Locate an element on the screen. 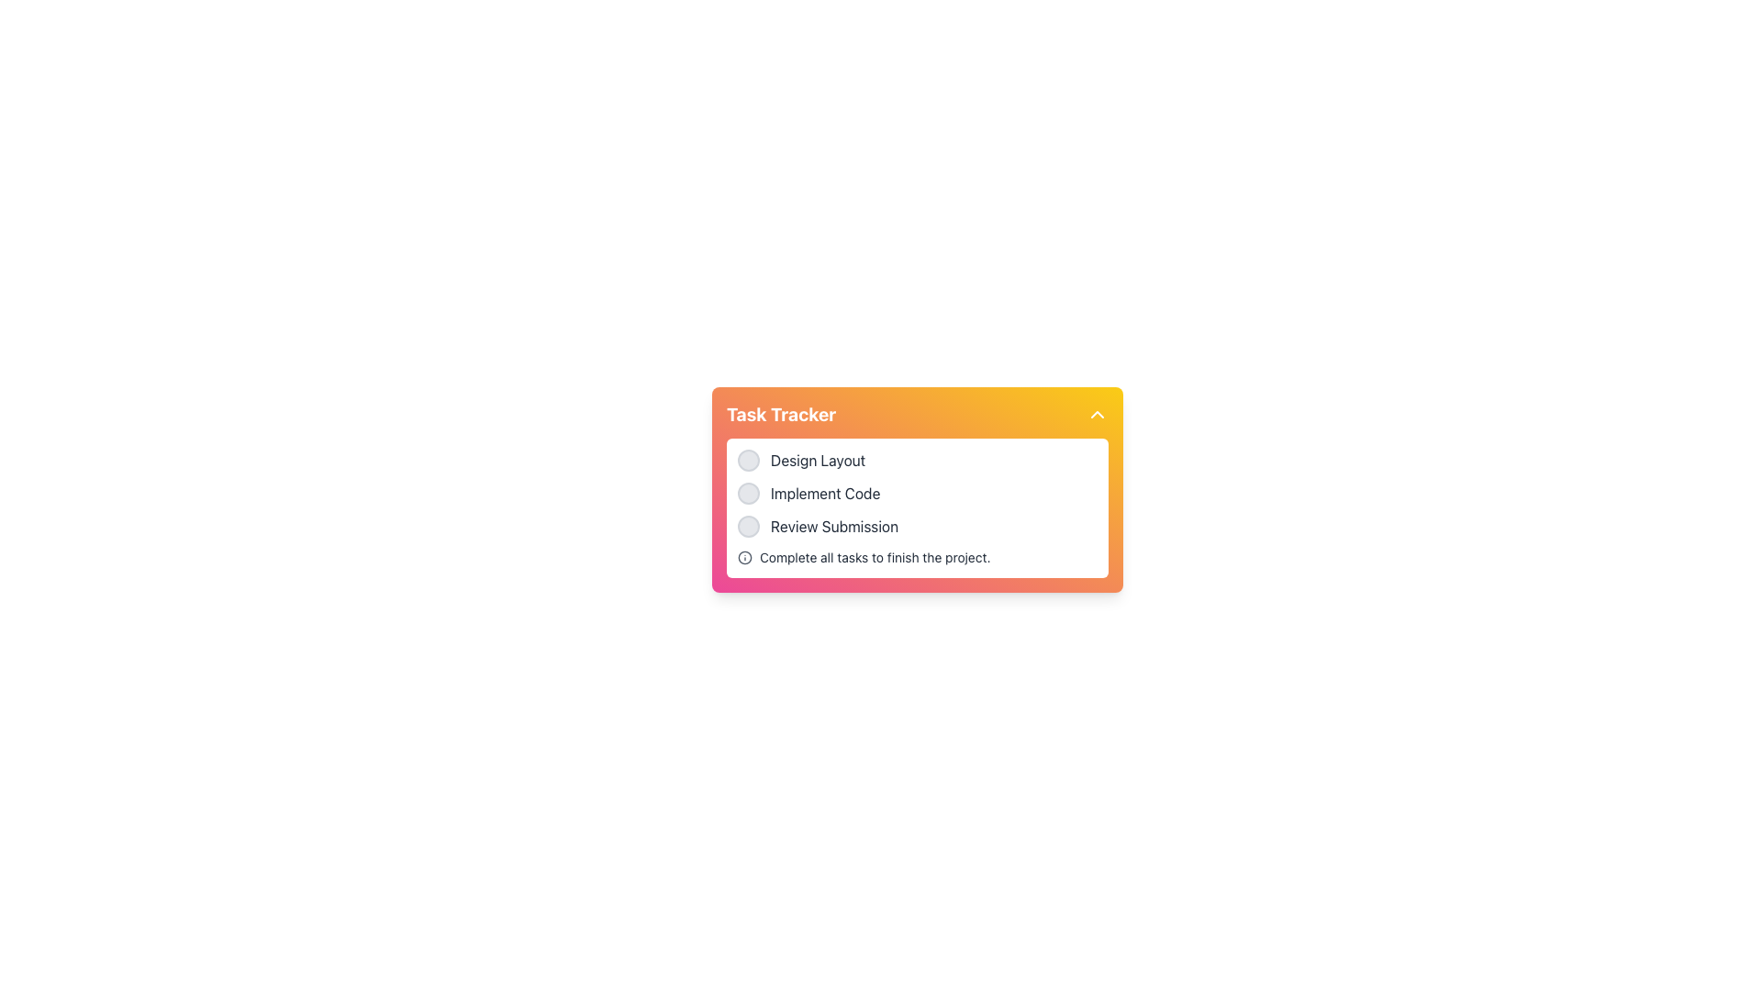  the completion message text label that provides information about finishing the project, located at the bottom of the task tracker box is located at coordinates (874, 557).